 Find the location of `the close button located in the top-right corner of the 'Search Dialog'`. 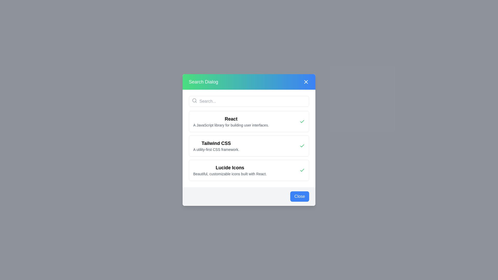

the close button located in the top-right corner of the 'Search Dialog' is located at coordinates (306, 82).